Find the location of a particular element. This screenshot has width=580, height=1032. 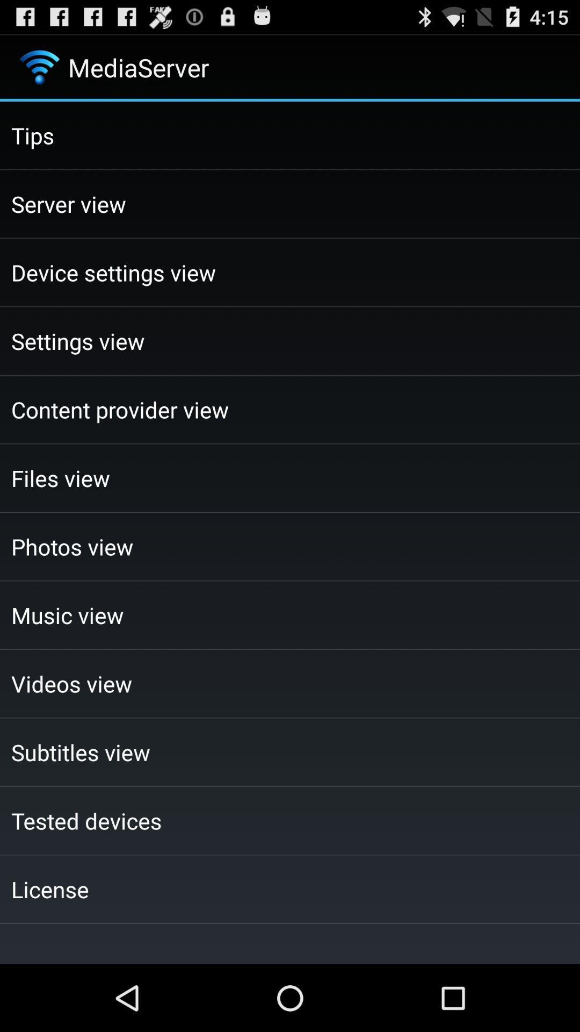

the checkbox below the music view is located at coordinates (290, 683).